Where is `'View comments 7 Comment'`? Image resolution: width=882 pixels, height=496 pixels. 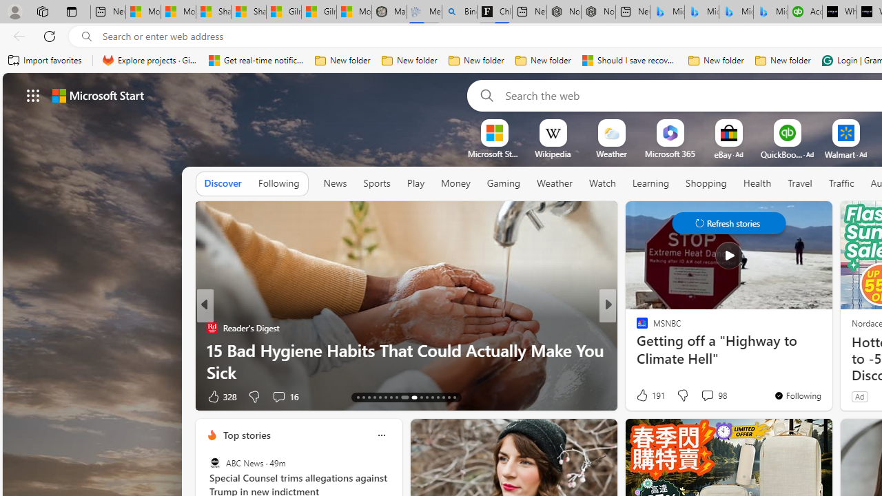 'View comments 7 Comment' is located at coordinates (703, 396).